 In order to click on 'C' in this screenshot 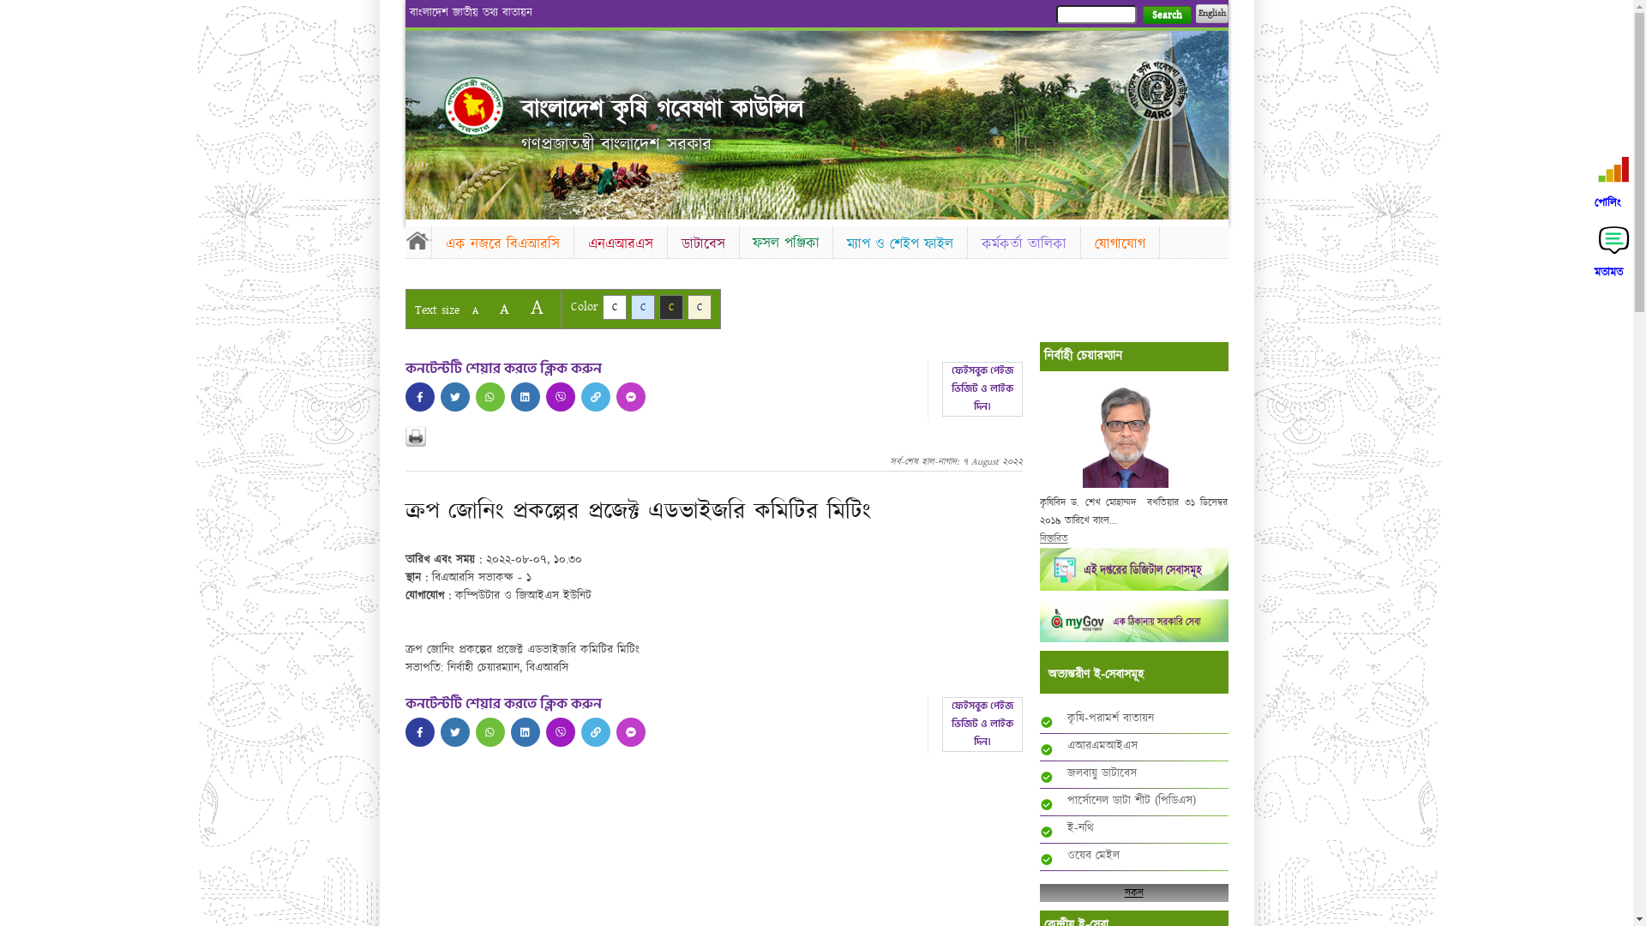, I will do `click(687, 306)`.